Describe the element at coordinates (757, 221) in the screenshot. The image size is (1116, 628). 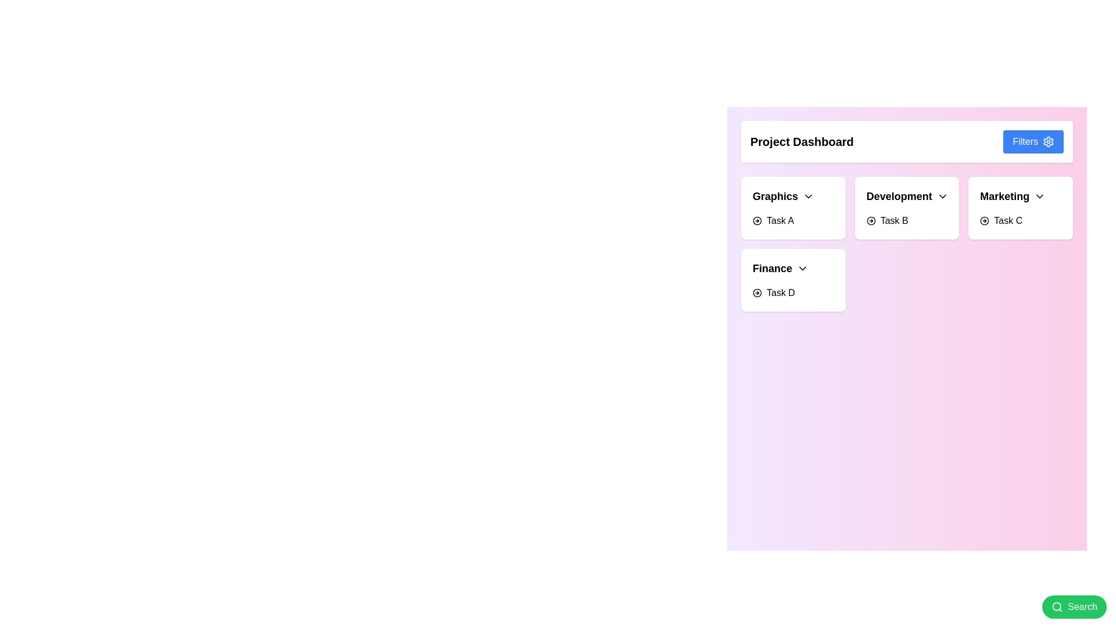
I see `the icon representing 'Task A' located in the 'Graphics' section of the dashboard, placed to the left of the text 'Task A'` at that location.